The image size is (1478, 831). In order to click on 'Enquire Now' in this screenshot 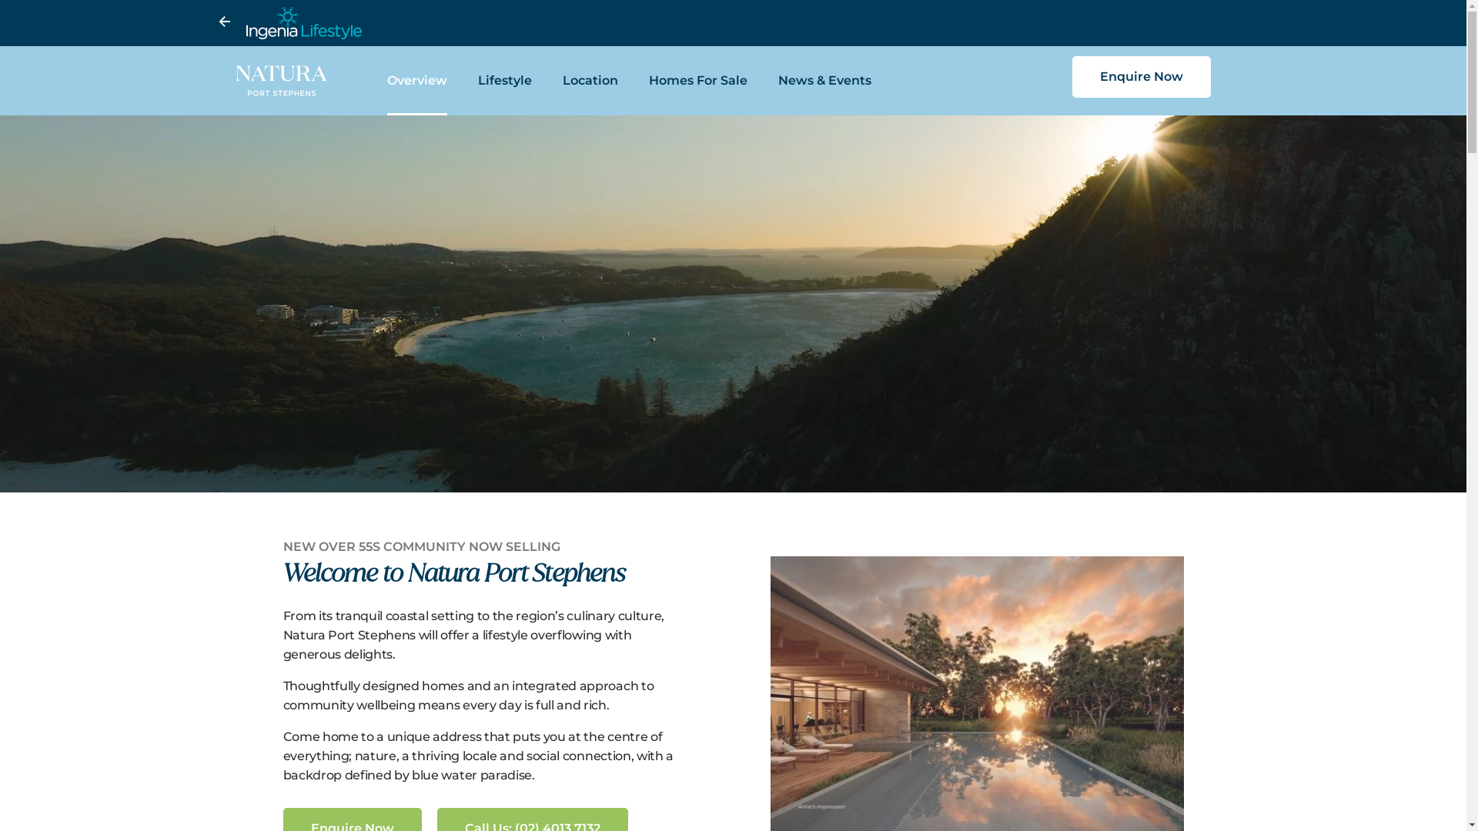, I will do `click(1071, 77)`.